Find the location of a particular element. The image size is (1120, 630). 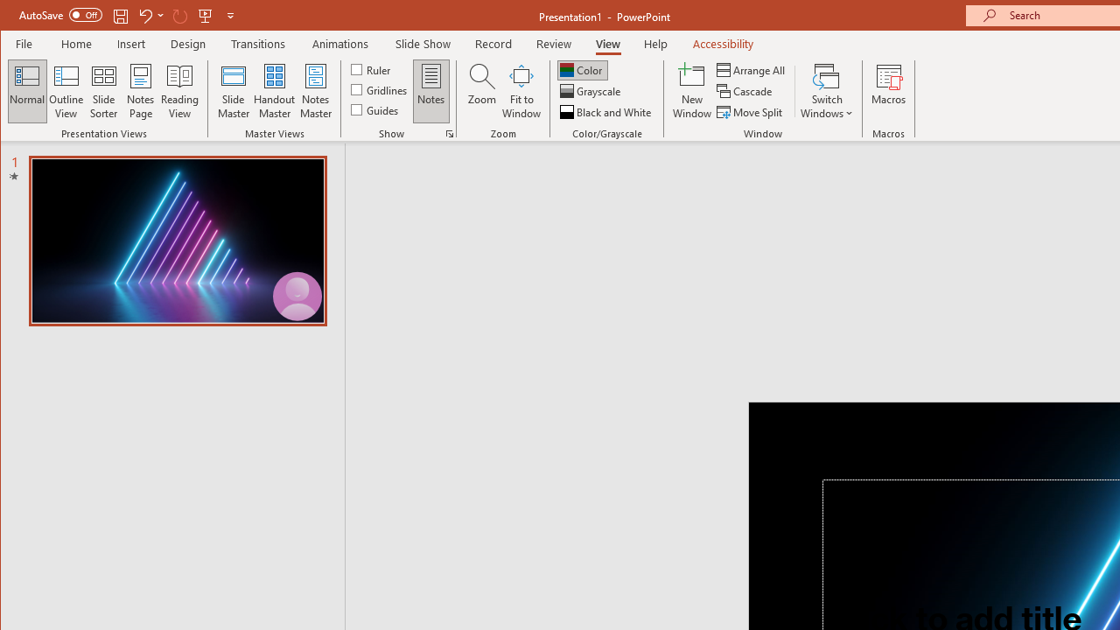

'Switch Windows' is located at coordinates (826, 91).